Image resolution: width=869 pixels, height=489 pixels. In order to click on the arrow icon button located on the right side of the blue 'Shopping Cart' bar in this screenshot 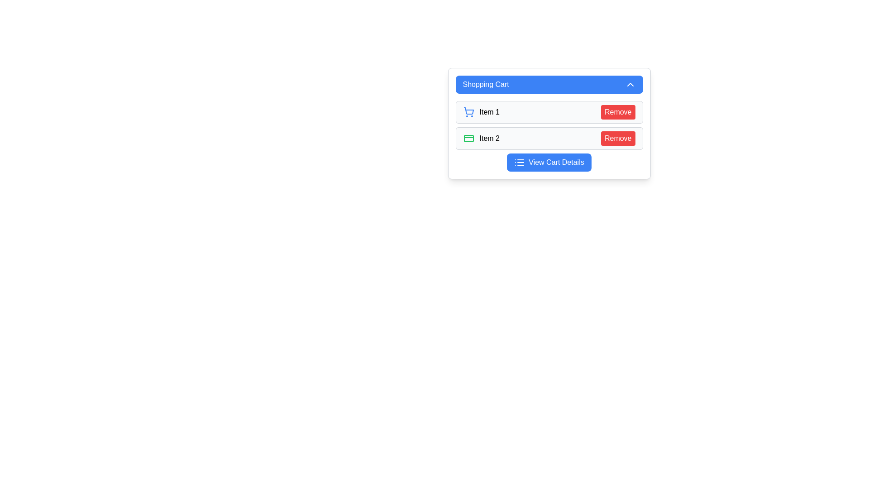, I will do `click(630, 84)`.